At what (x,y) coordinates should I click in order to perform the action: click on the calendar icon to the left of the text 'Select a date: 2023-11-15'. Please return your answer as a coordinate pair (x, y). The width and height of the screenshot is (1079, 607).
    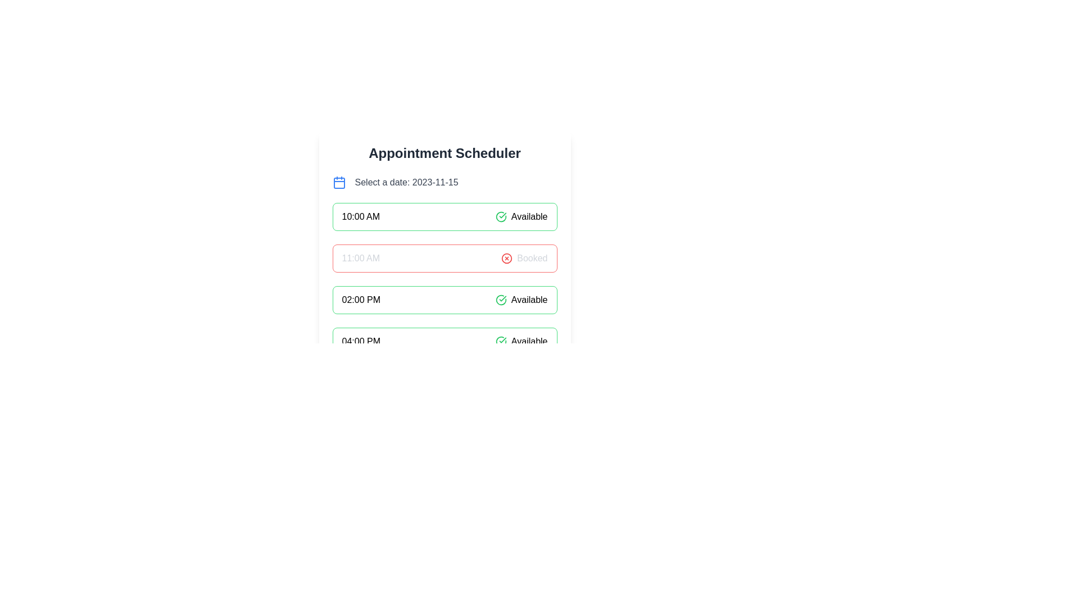
    Looking at the image, I should click on (338, 183).